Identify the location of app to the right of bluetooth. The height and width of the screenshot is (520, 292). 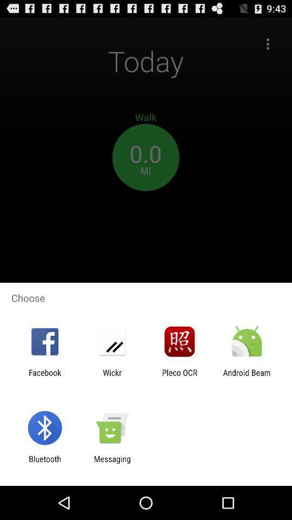
(111, 463).